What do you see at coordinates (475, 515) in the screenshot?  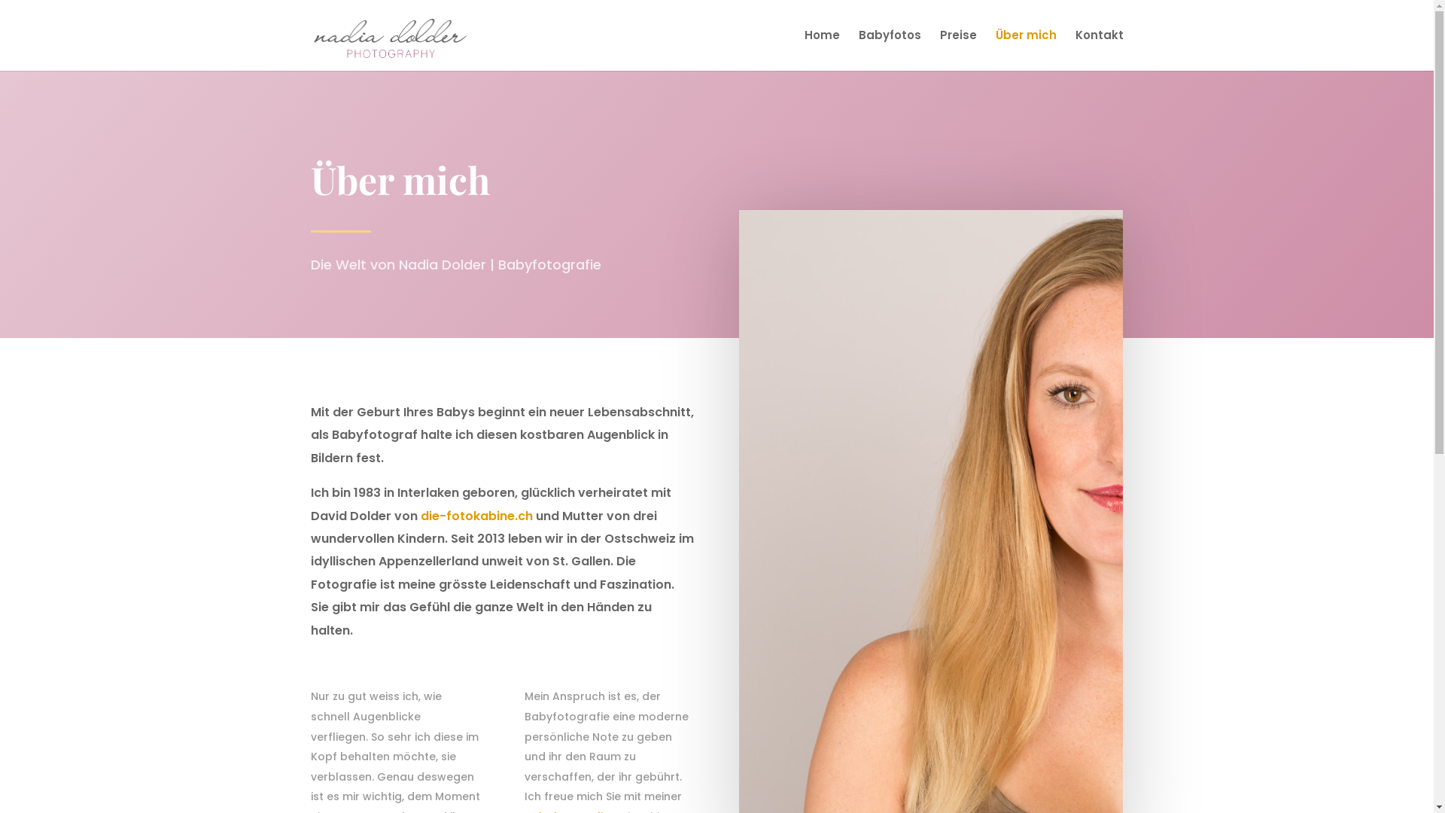 I see `'die-fotokabine.ch'` at bounding box center [475, 515].